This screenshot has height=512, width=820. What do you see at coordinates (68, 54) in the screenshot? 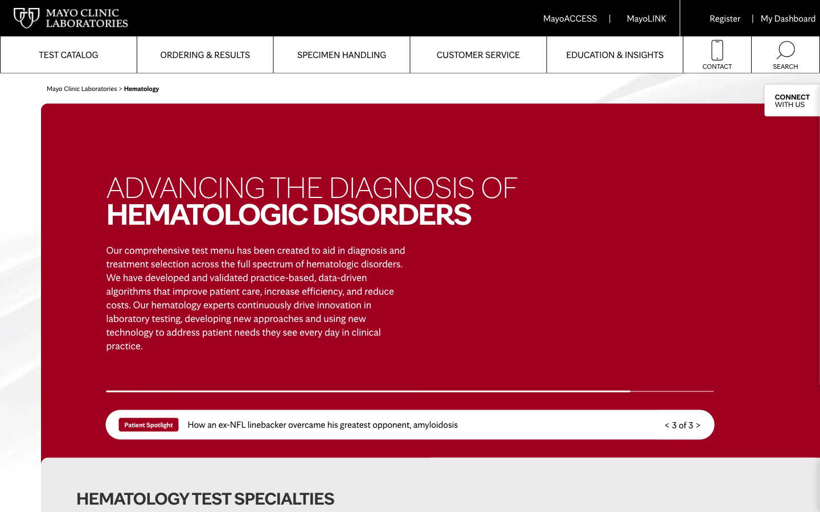
I see `Get a list of tests available at Mayoclinic Labs` at bounding box center [68, 54].